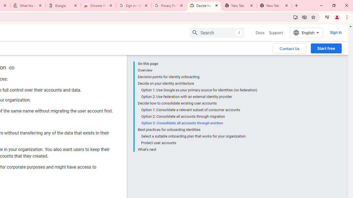 The image size is (353, 198). I want to click on 'Google', so click(63, 5).